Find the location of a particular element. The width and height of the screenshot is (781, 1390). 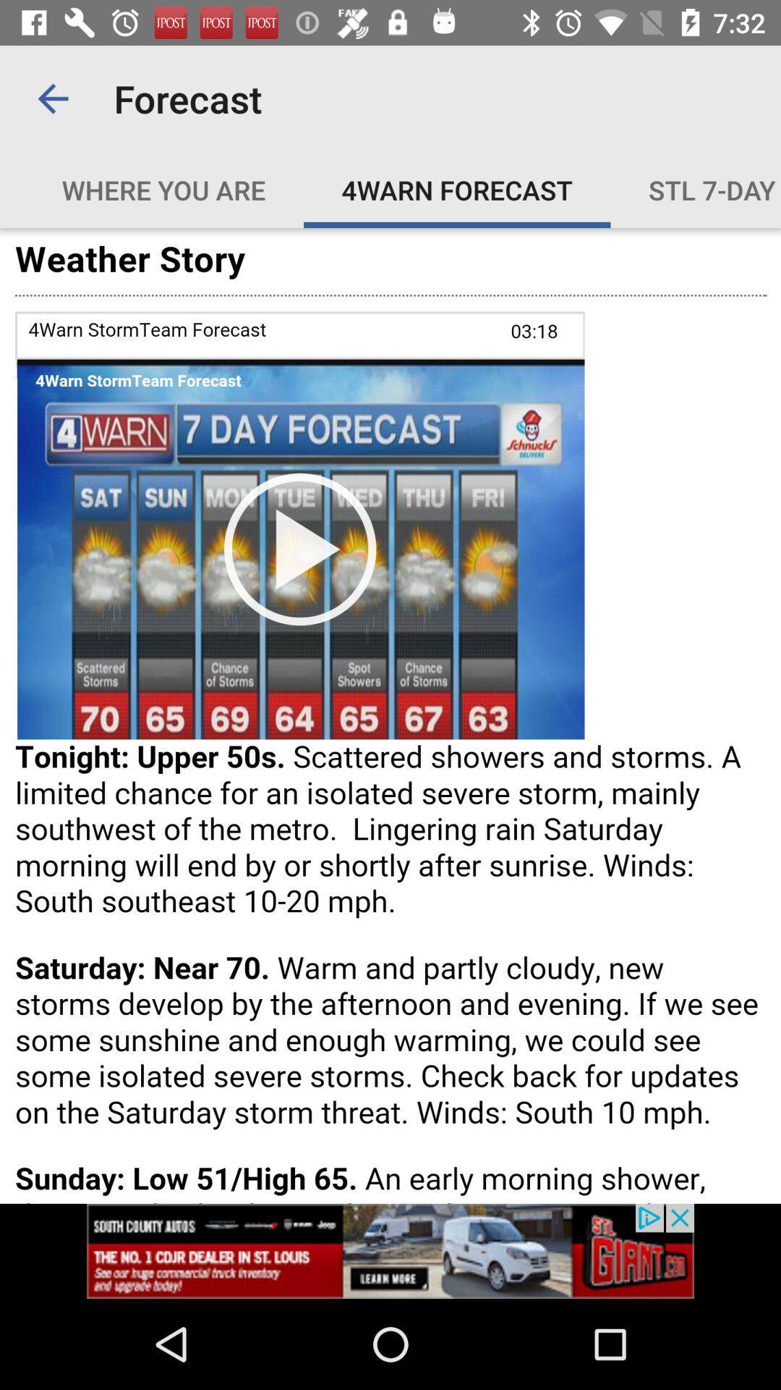

the video is located at coordinates (390, 715).